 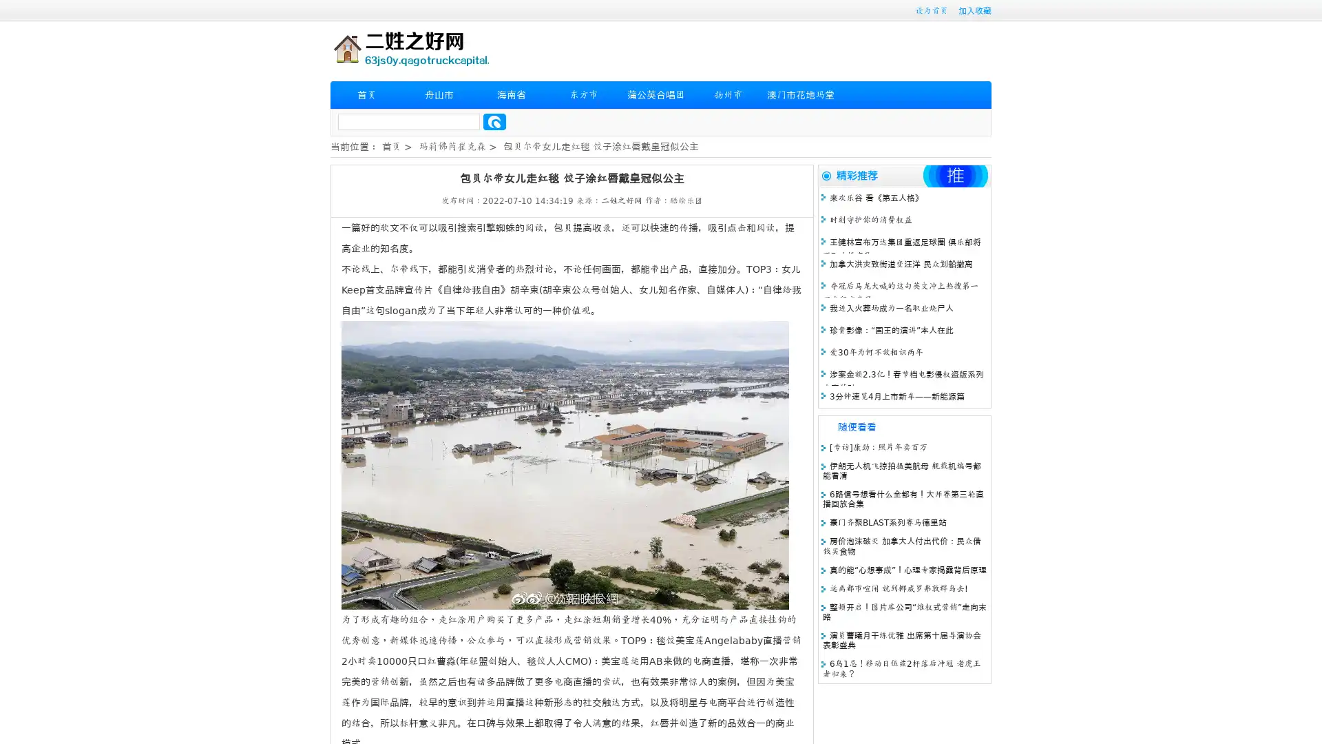 What do you see at coordinates (494, 121) in the screenshot?
I see `Search` at bounding box center [494, 121].